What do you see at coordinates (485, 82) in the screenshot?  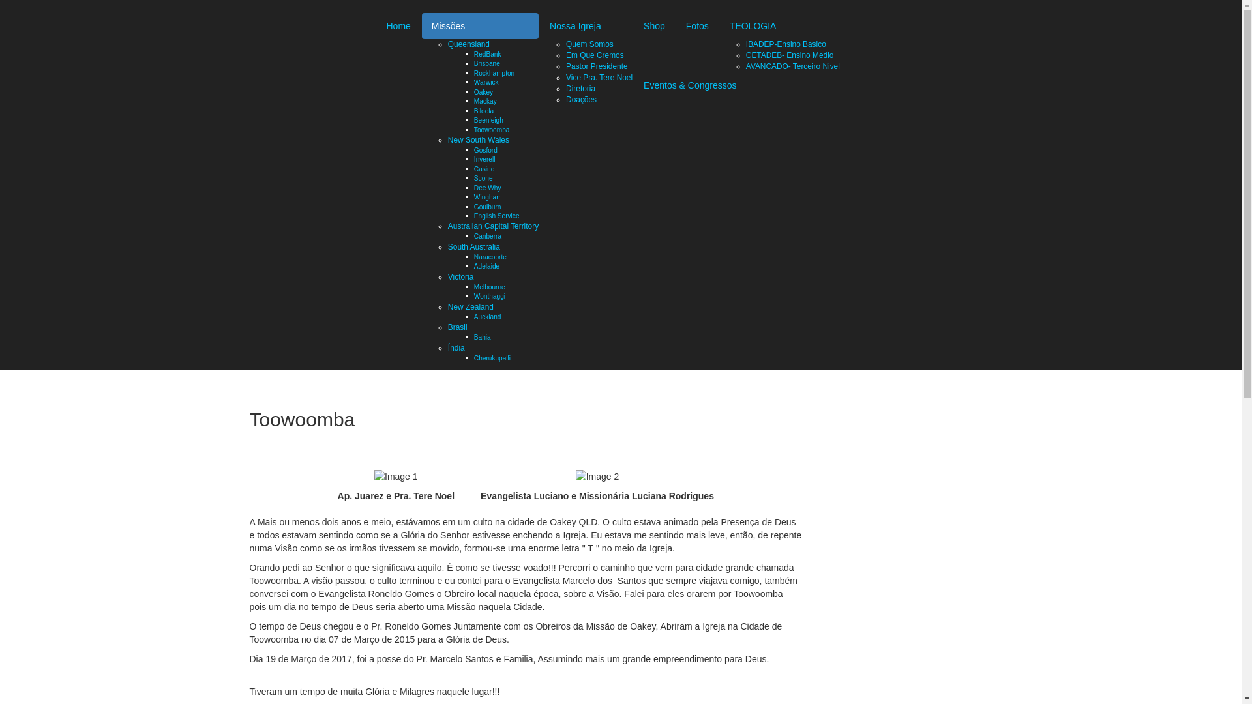 I see `'Warwick'` at bounding box center [485, 82].